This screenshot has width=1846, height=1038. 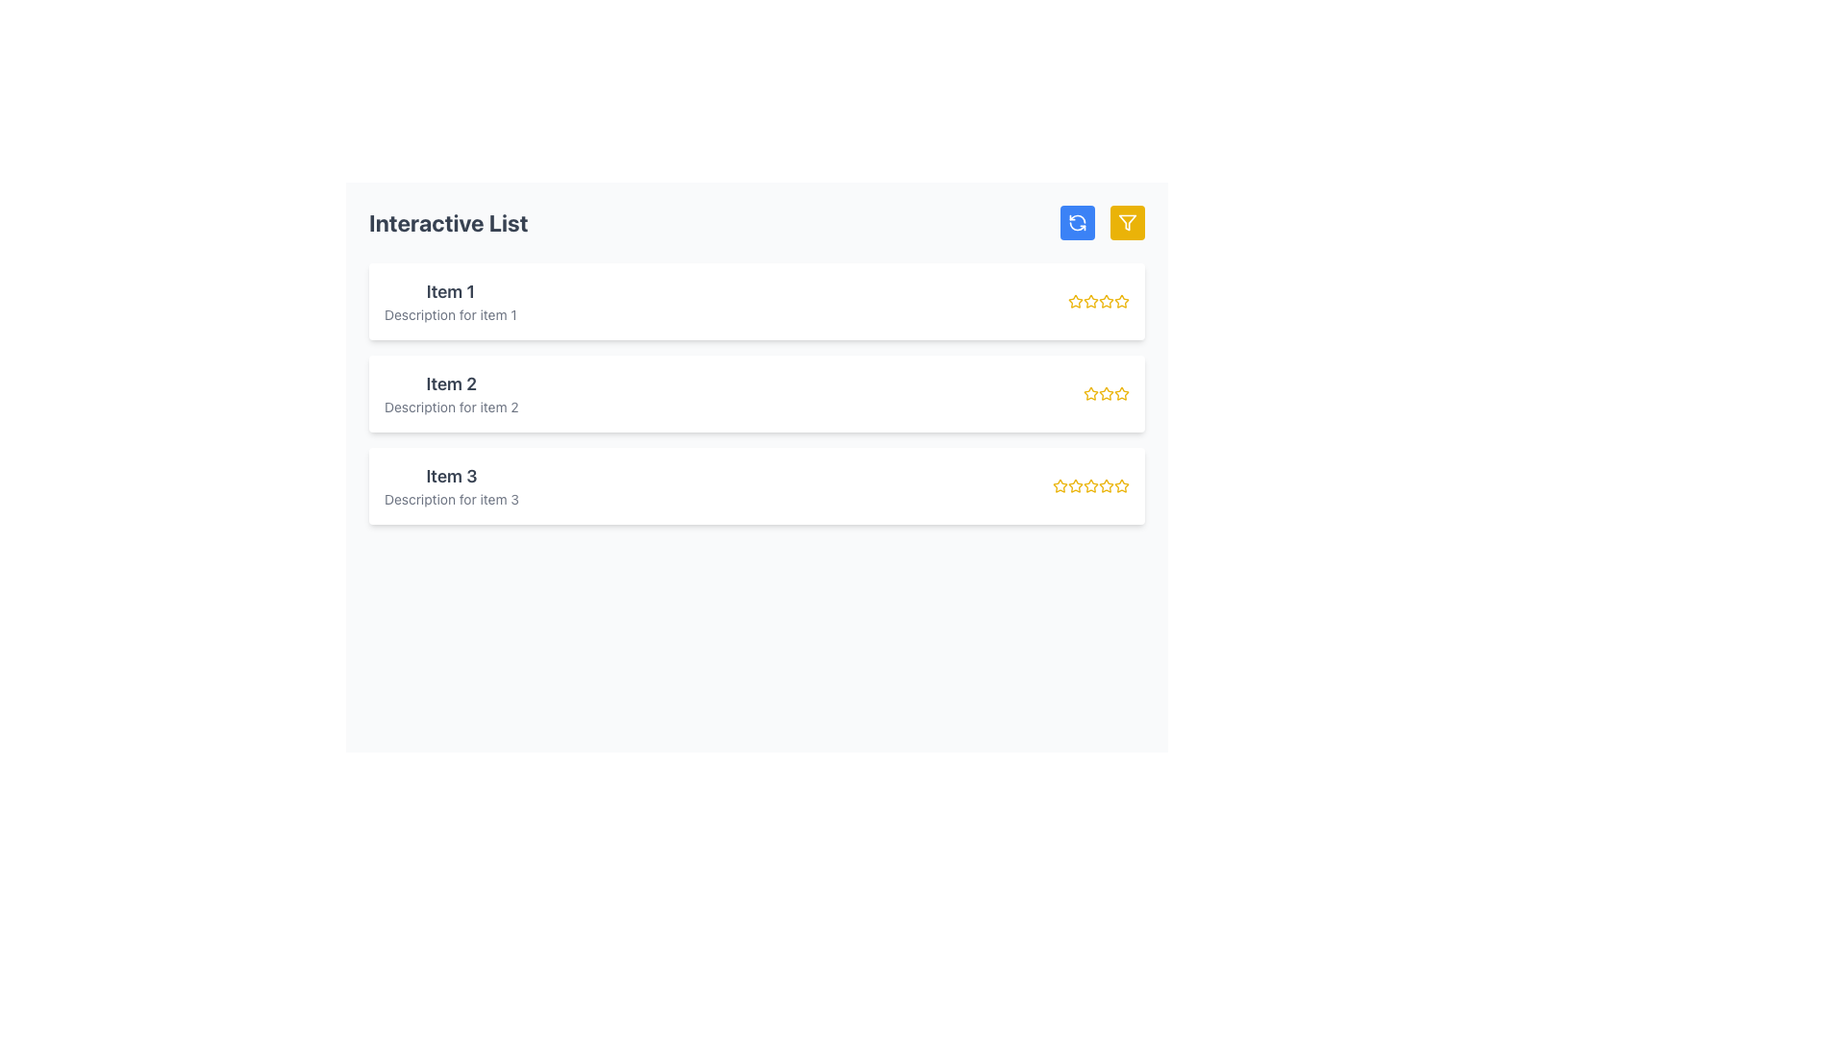 What do you see at coordinates (1107, 392) in the screenshot?
I see `the third yellow outlined star icon in the rating panel associated with the second item in the 'Interactive List'` at bounding box center [1107, 392].